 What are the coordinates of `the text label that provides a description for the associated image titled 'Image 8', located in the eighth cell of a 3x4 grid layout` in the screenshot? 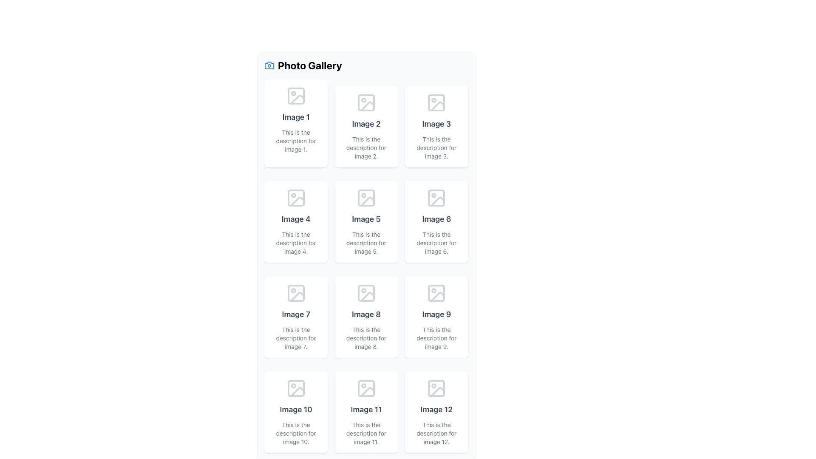 It's located at (366, 337).